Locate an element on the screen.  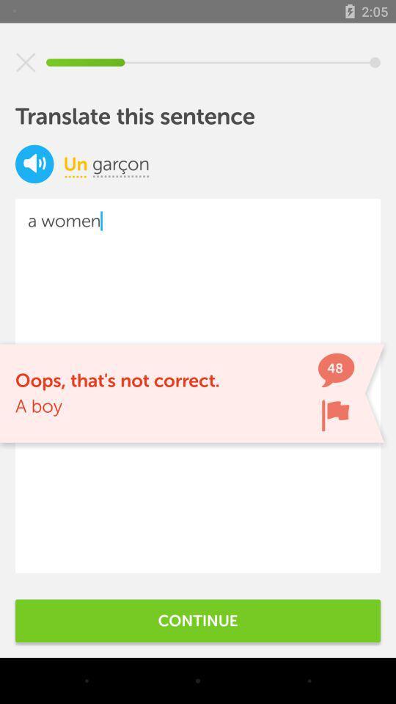
the icon below translate this sentence is located at coordinates (120, 164).